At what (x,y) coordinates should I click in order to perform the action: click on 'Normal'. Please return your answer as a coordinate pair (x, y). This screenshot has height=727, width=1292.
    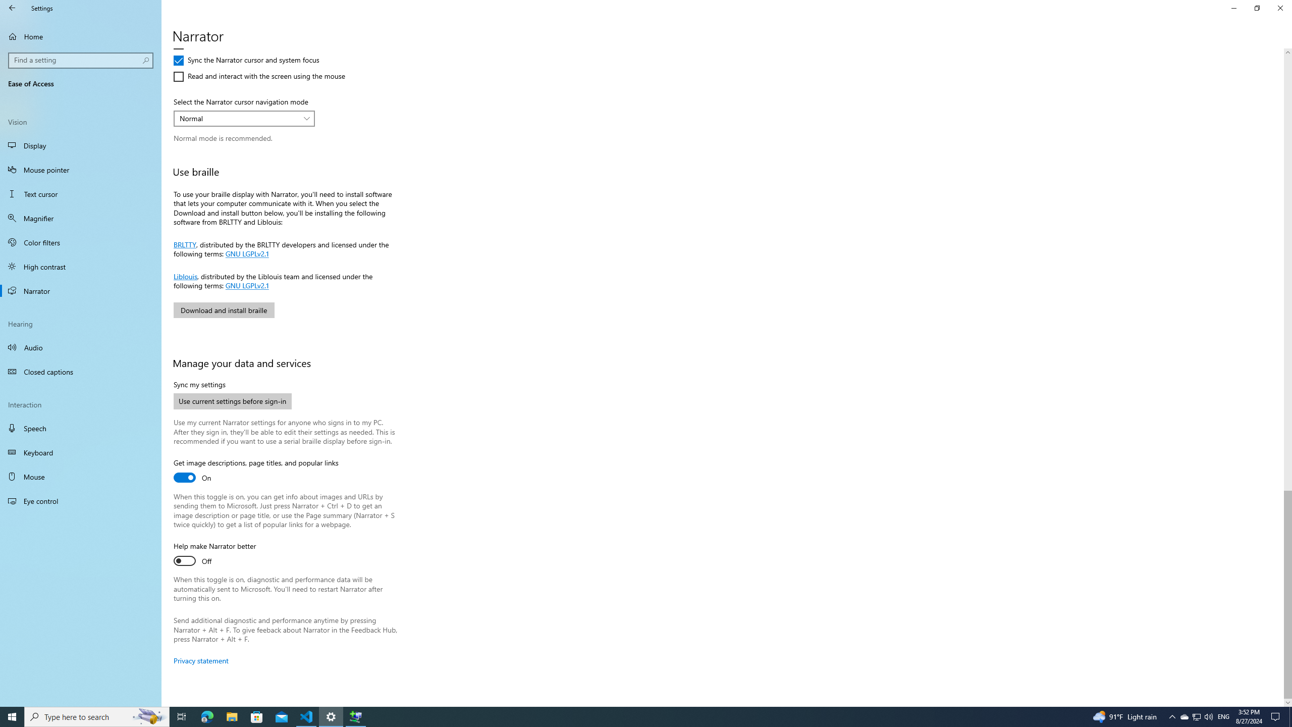
    Looking at the image, I should click on (238, 118).